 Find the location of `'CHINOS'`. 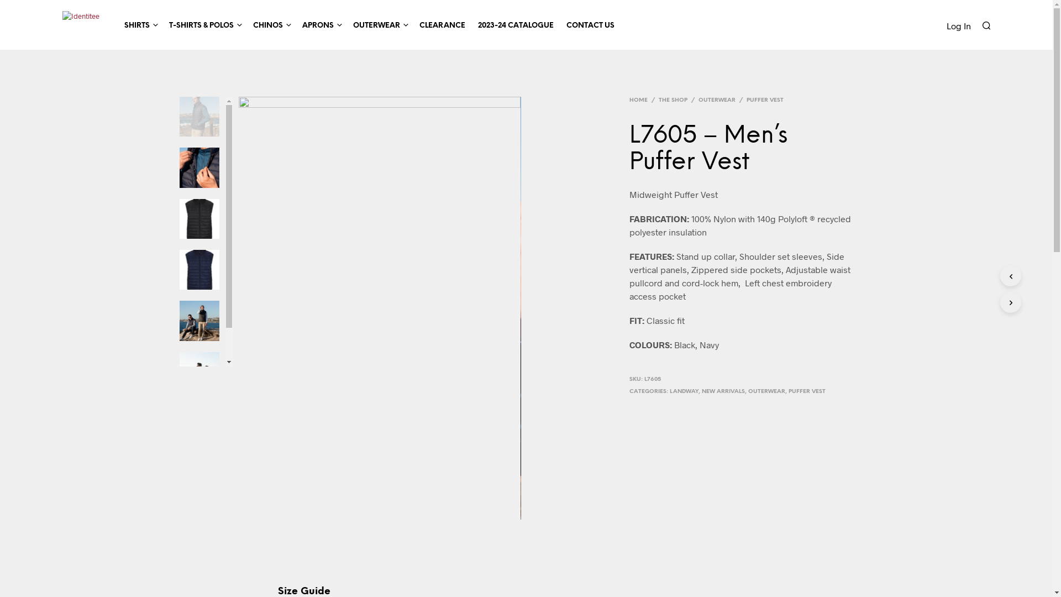

'CHINOS' is located at coordinates (267, 25).